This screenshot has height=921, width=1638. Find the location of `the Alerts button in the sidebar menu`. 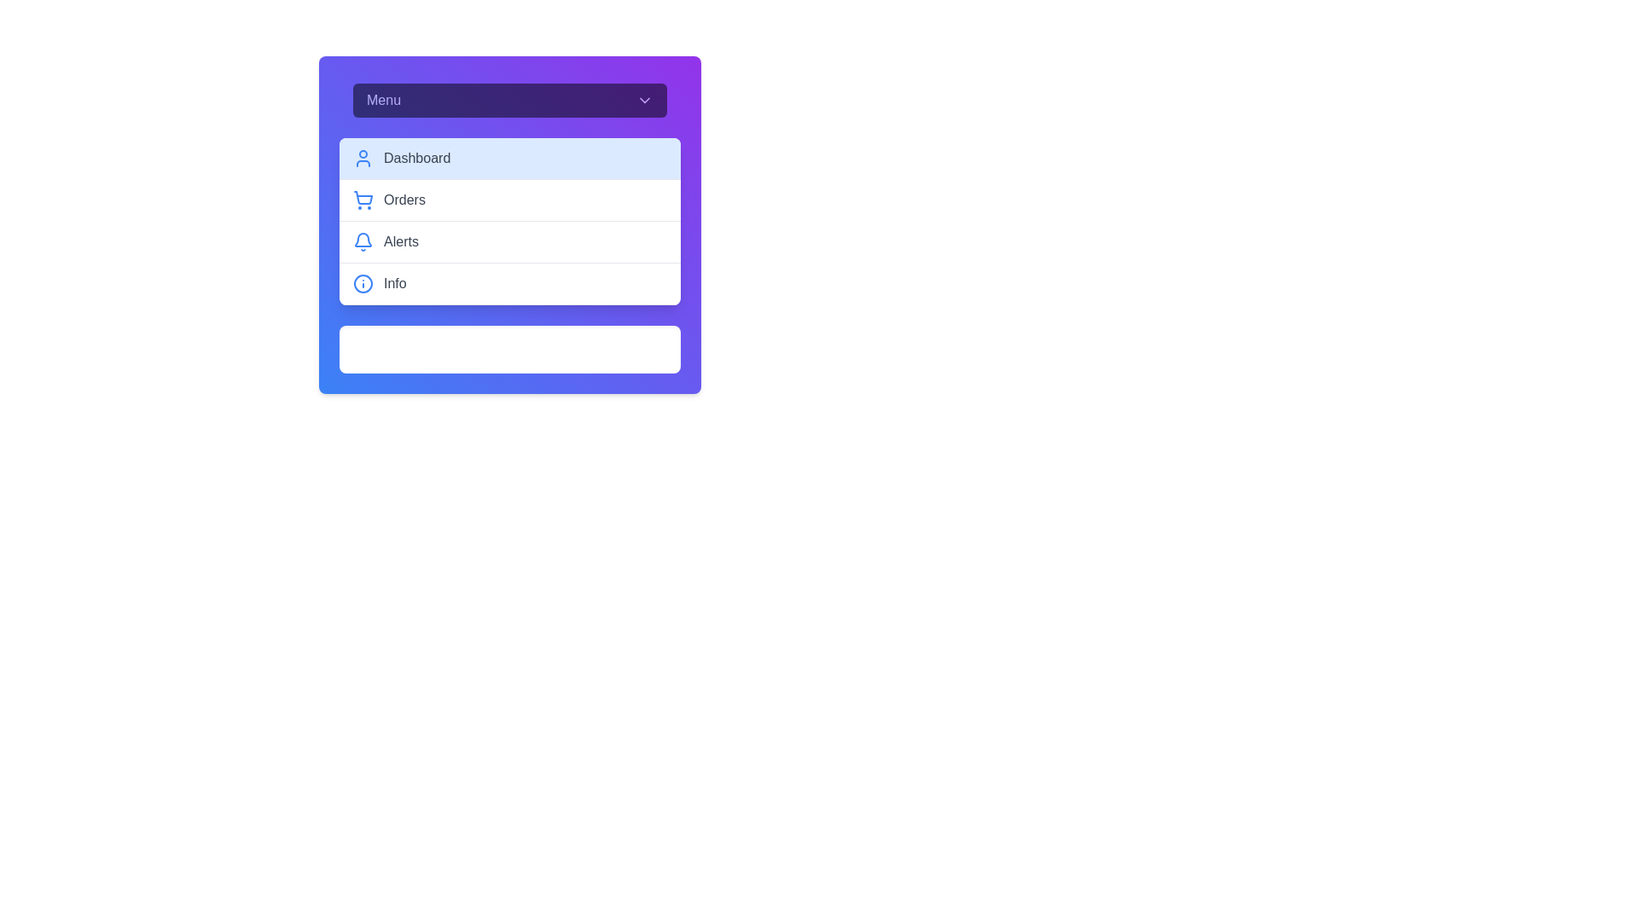

the Alerts button in the sidebar menu is located at coordinates (509, 242).